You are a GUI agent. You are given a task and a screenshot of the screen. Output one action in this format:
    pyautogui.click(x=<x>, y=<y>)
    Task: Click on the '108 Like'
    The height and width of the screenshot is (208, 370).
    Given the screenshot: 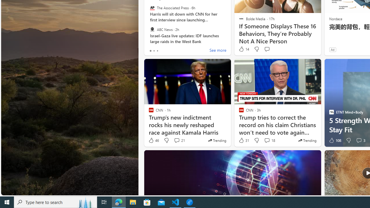 What is the action you would take?
    pyautogui.click(x=334, y=140)
    